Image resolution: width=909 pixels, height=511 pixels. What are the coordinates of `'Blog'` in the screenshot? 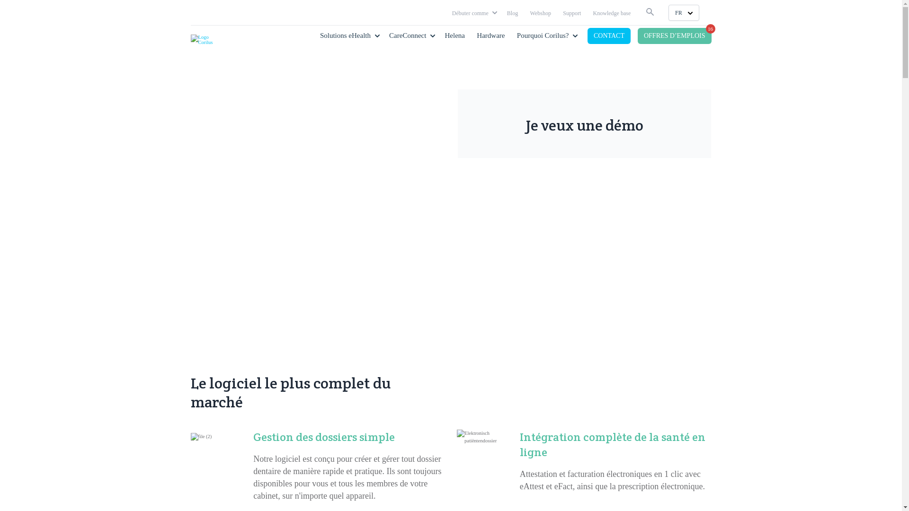 It's located at (512, 13).